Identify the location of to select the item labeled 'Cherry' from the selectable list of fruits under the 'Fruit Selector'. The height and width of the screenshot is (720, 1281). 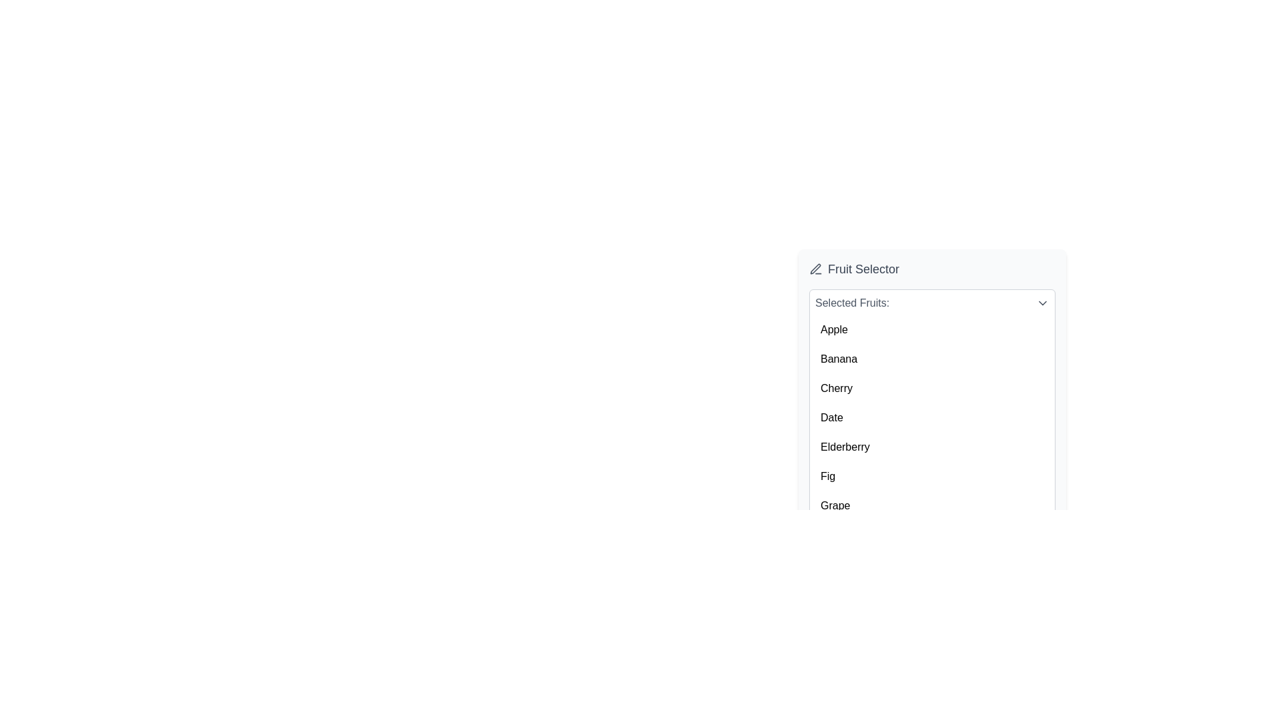
(931, 388).